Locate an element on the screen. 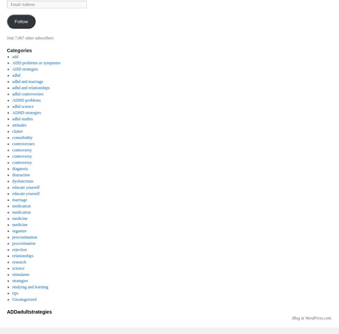 Image resolution: width=339 pixels, height=334 pixels. 'adhd controversies' is located at coordinates (27, 93).